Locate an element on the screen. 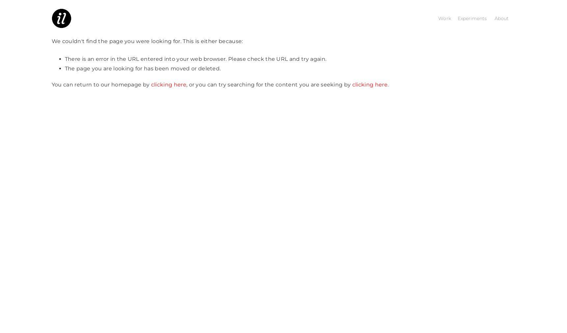 The image size is (567, 333). 'The page you are looking for has been moved or deleted.' is located at coordinates (142, 68).